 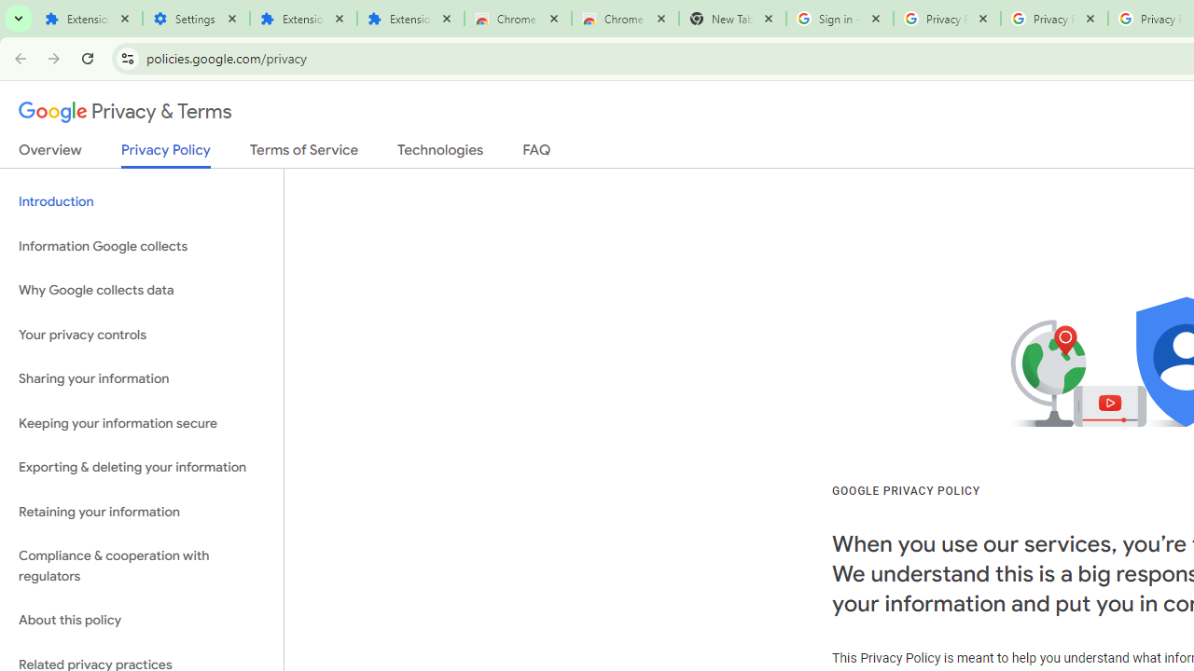 What do you see at coordinates (141, 512) in the screenshot?
I see `'Retaining your information'` at bounding box center [141, 512].